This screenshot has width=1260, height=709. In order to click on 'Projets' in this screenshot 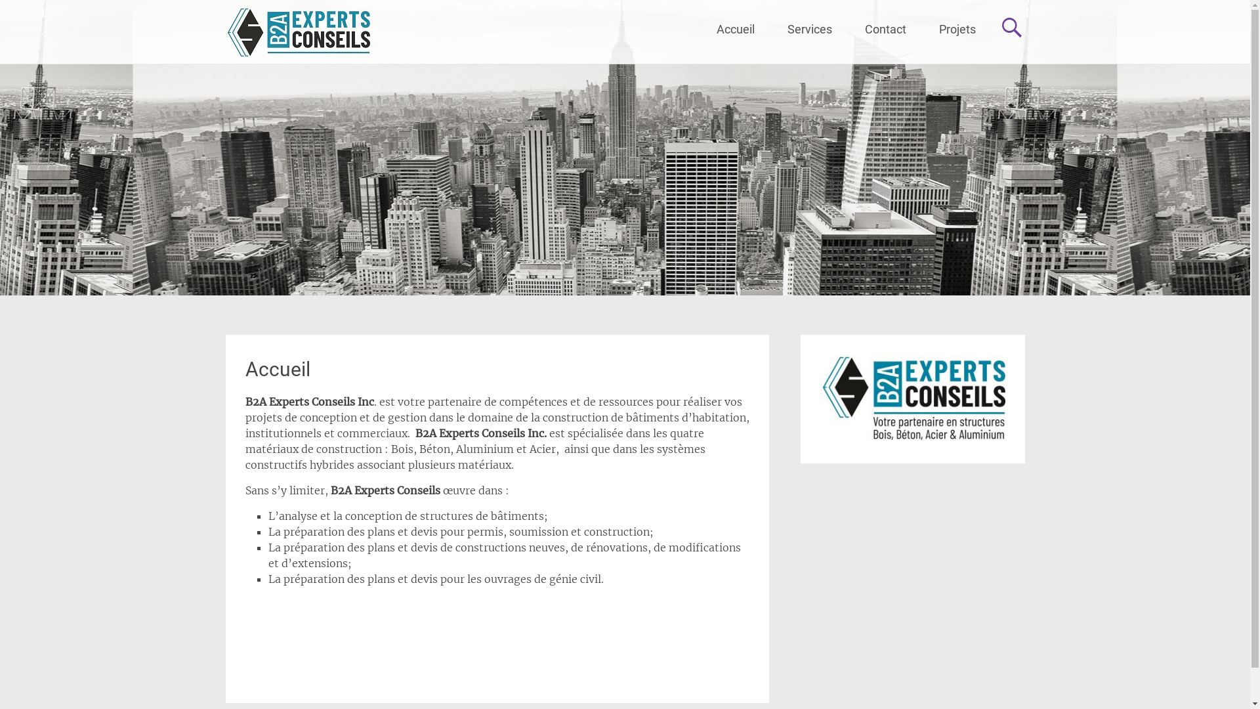, I will do `click(922, 30)`.